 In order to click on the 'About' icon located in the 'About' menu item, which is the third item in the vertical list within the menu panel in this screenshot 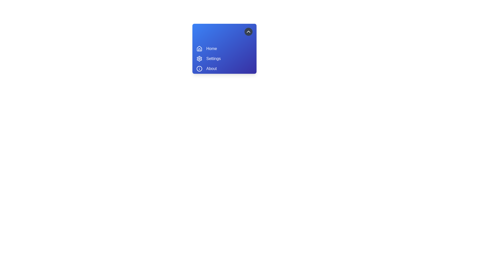, I will do `click(199, 68)`.